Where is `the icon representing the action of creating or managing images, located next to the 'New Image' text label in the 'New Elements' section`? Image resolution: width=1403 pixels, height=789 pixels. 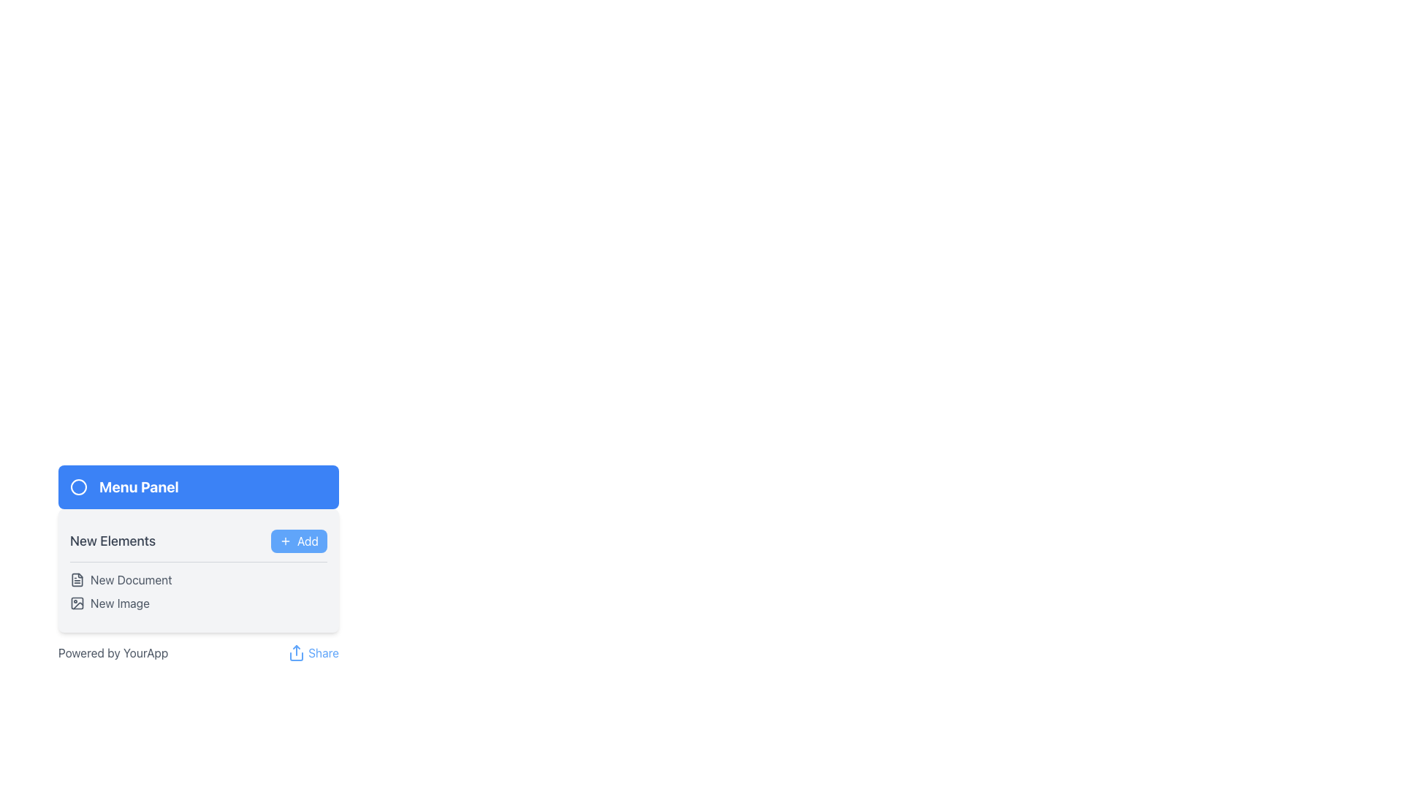 the icon representing the action of creating or managing images, located next to the 'New Image' text label in the 'New Elements' section is located at coordinates (76, 603).